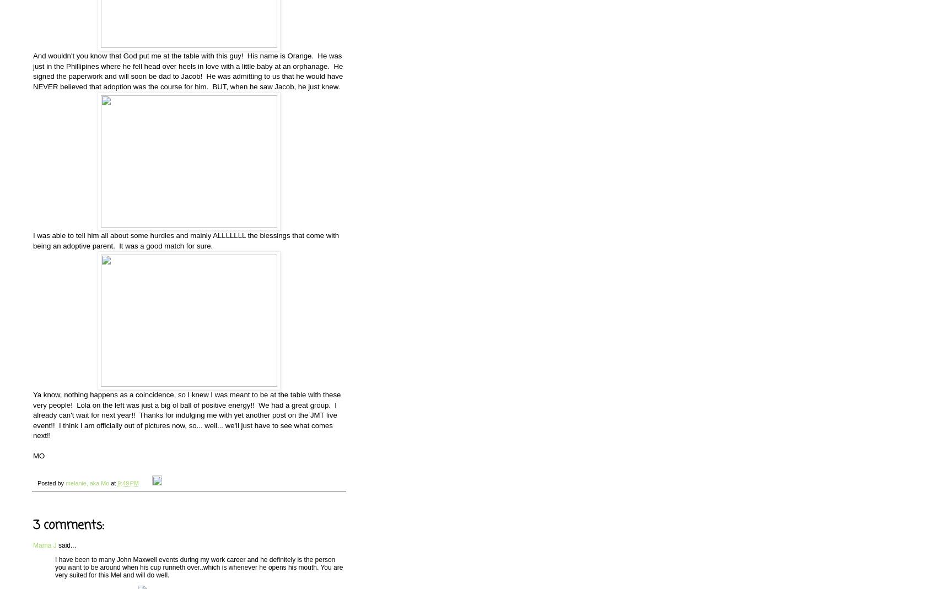 The height and width of the screenshot is (589, 937). What do you see at coordinates (198, 567) in the screenshot?
I see `'I have been to many John Maxwell events during my work career and he definitely is the person you want to be around when his cup runneth over..which is whenever he opens his mouth. You are very suited for this Mel and will do well.'` at bounding box center [198, 567].